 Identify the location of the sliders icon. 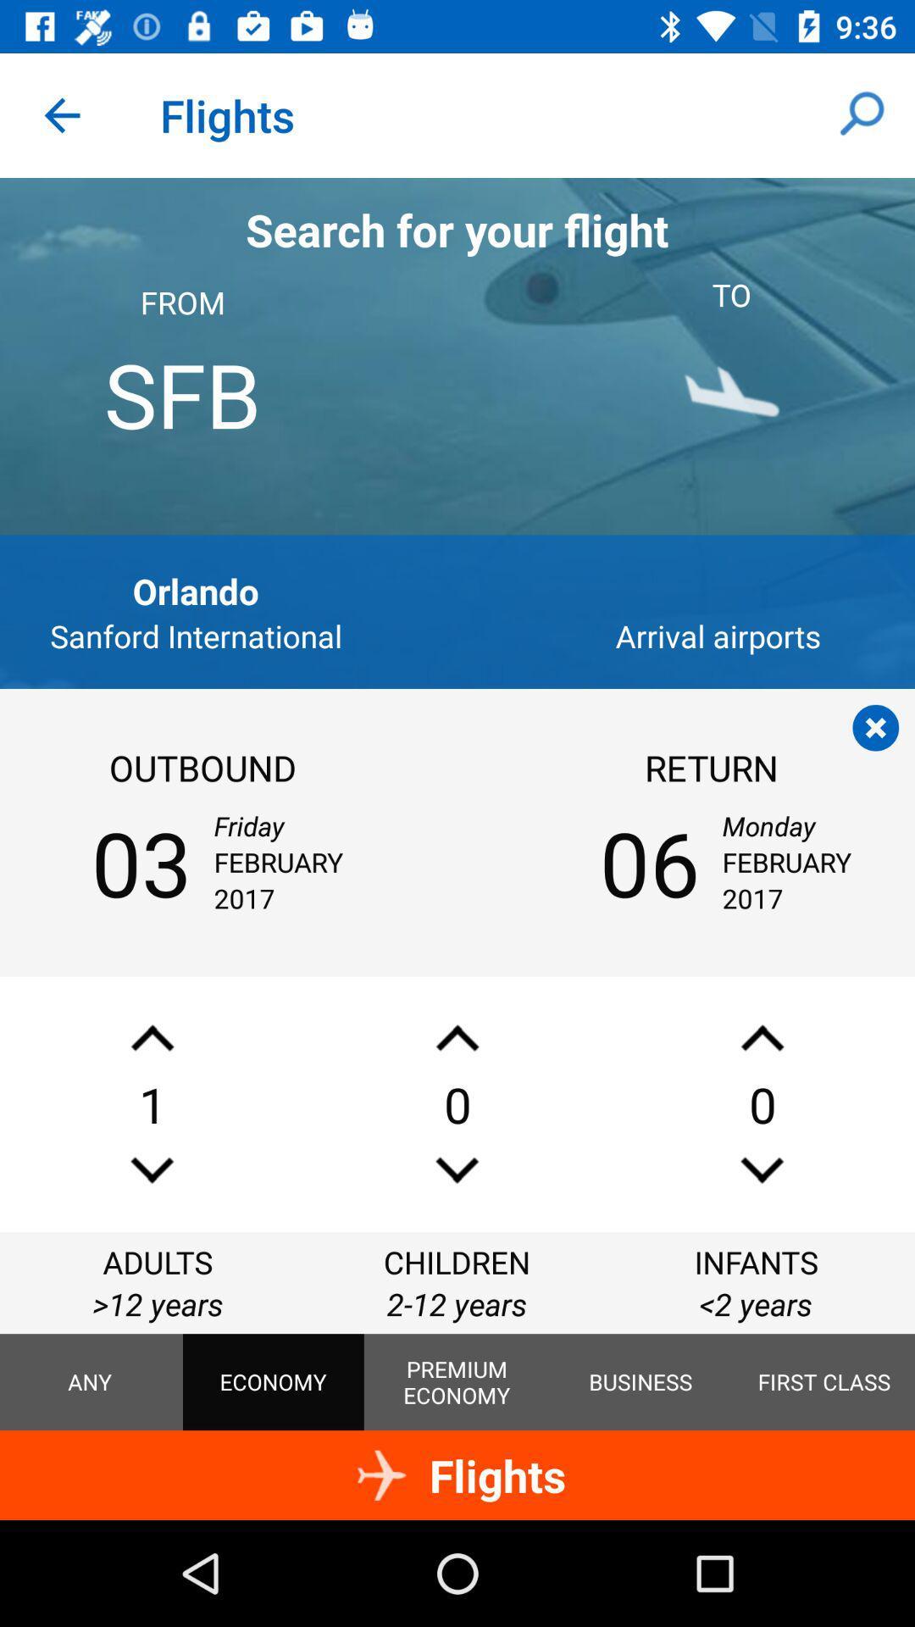
(761, 1169).